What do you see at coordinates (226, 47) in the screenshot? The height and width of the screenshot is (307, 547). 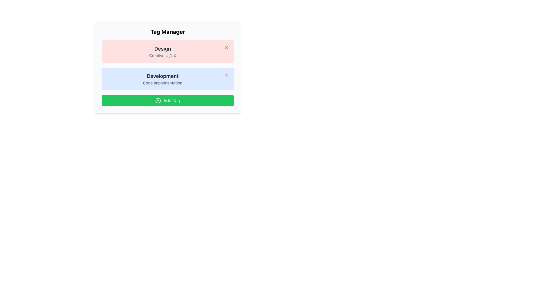 I see `the red 'X' button located at the far-right side of the 'Design' category box` at bounding box center [226, 47].